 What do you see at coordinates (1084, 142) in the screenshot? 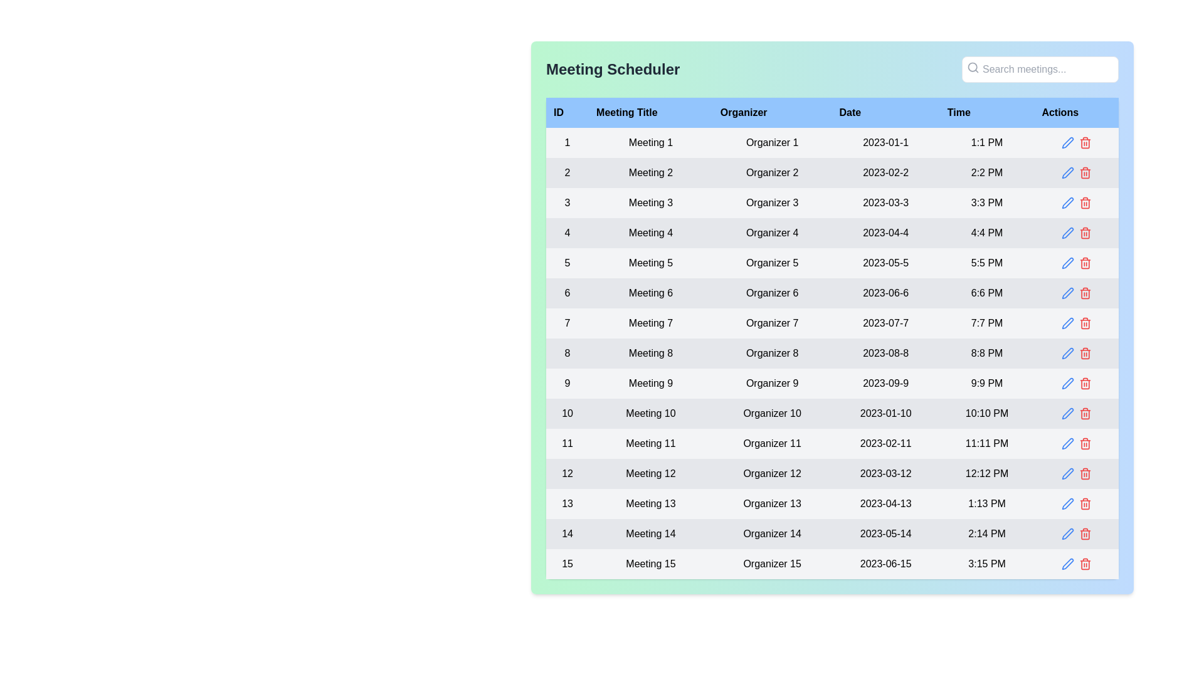
I see `the red trash bin icon in the Actions column of the data table` at bounding box center [1084, 142].